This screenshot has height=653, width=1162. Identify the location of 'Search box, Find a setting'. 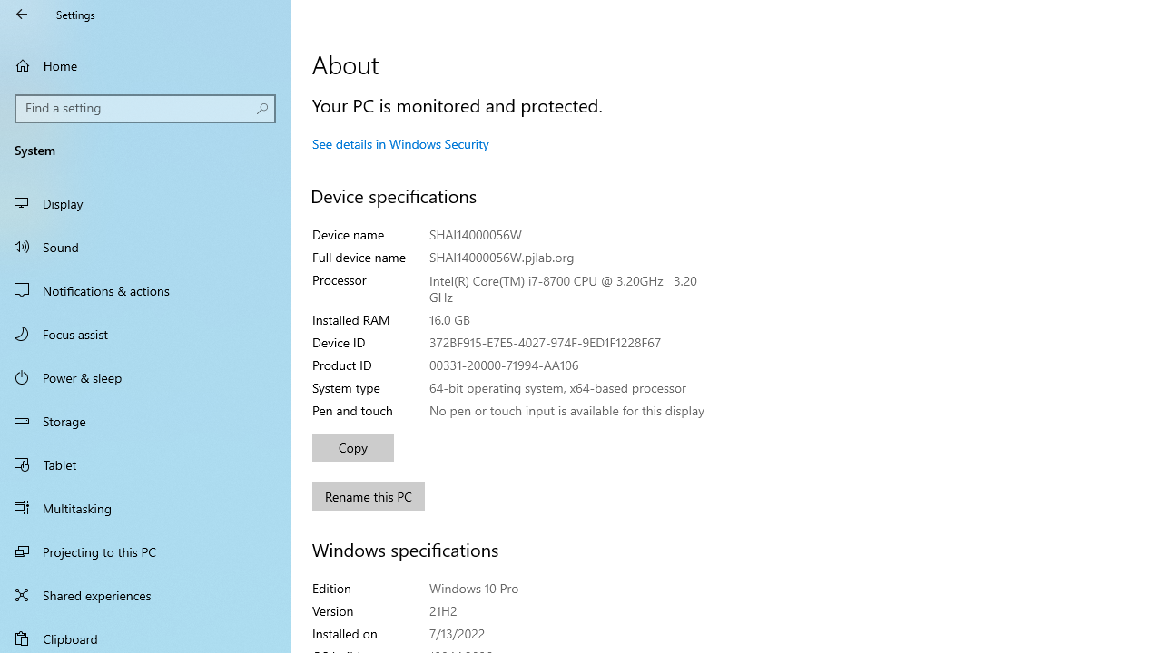
(145, 108).